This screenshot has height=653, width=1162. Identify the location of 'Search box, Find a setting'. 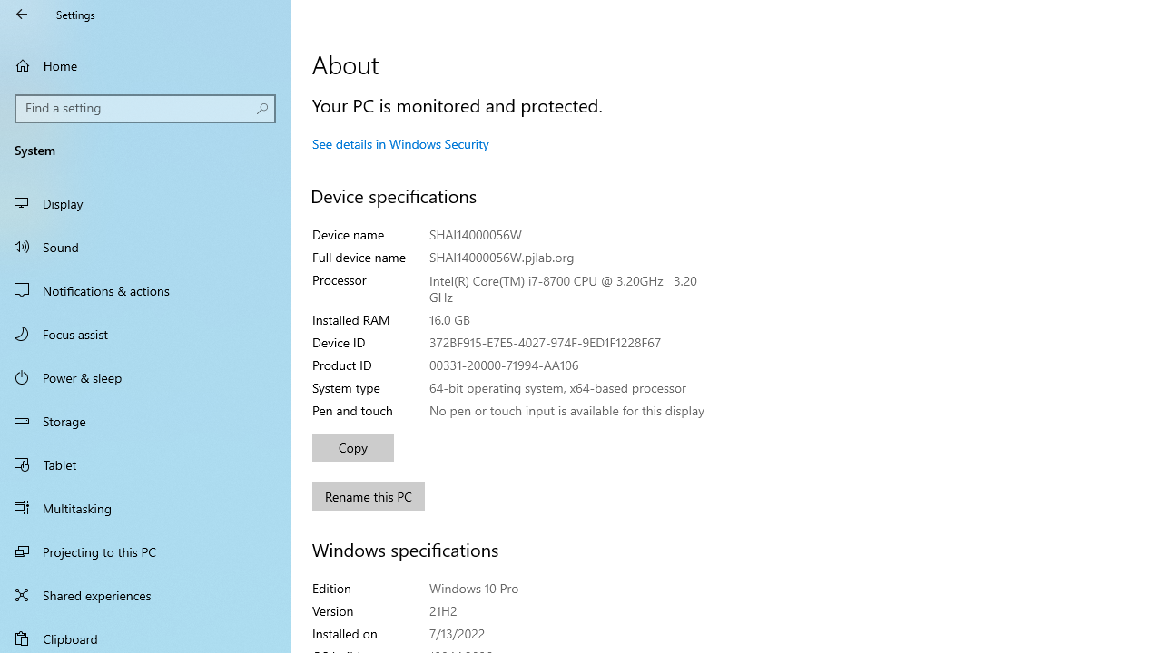
(145, 108).